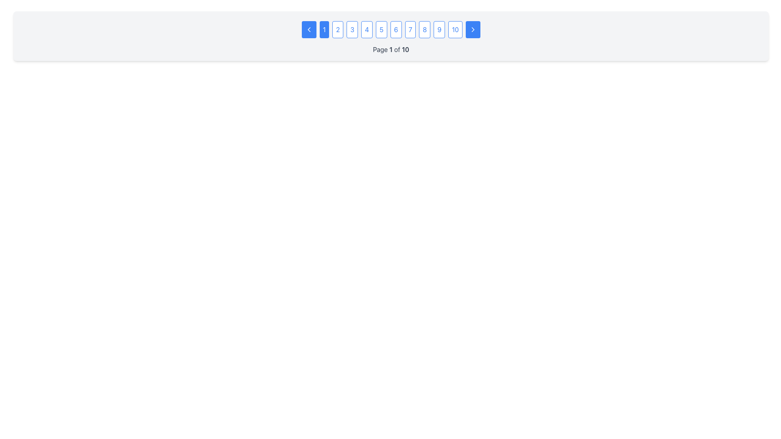 This screenshot has width=781, height=439. What do you see at coordinates (424, 29) in the screenshot?
I see `the rectangular button with rounded corners and a white background, displaying the number '8'` at bounding box center [424, 29].